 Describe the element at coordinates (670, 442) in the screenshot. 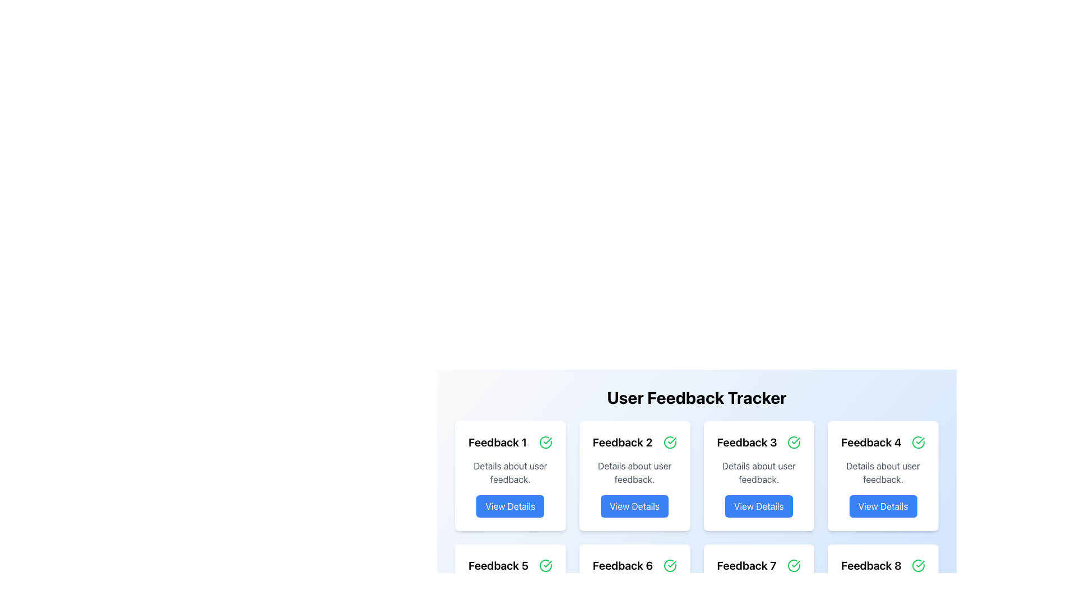

I see `the status represented by the circular green checkmark icon located in the 'Feedback 2' section, which indicates confirmation or success` at that location.